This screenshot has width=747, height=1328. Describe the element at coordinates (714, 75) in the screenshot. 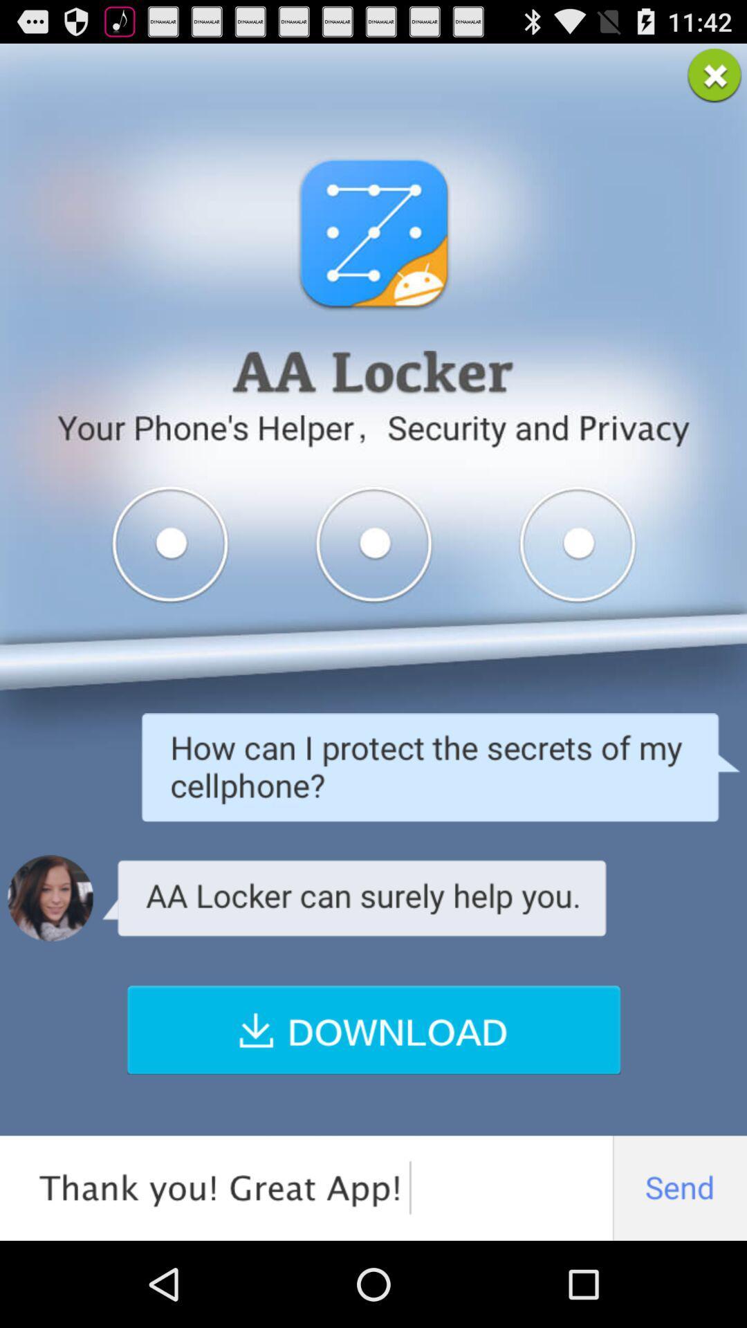

I see `this tab` at that location.